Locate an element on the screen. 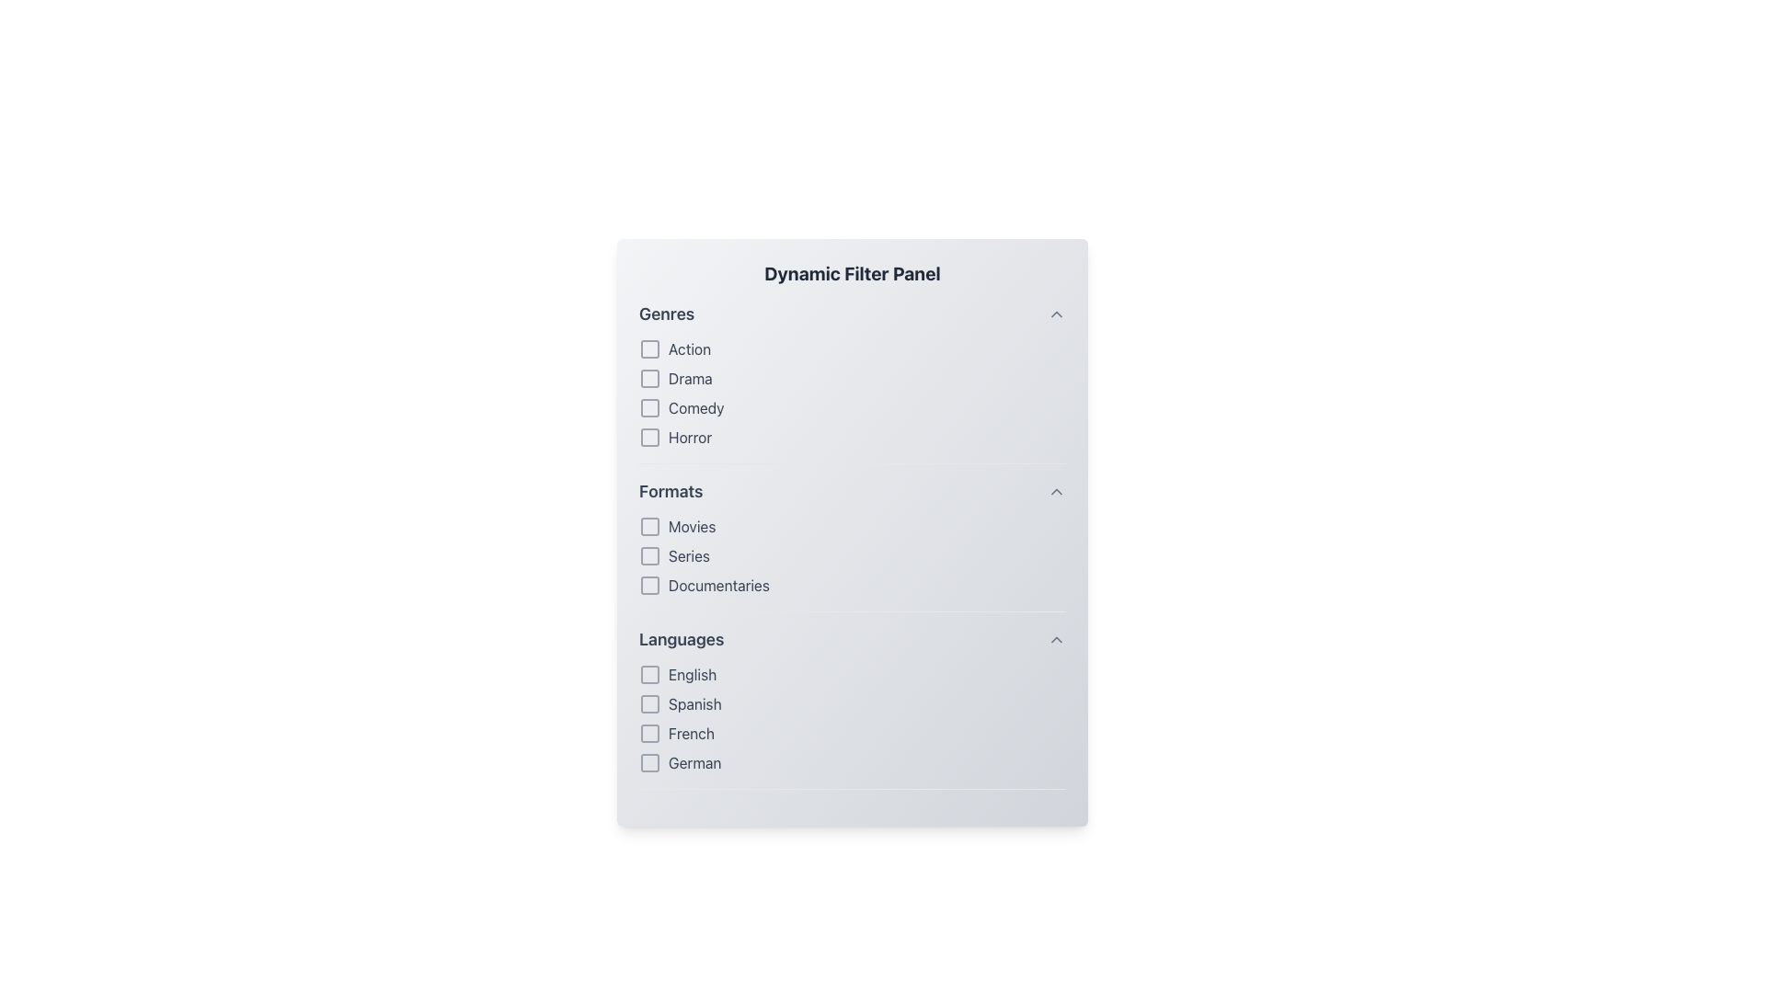  the second checkbox in the 'Formats' section of the Dynamic Filter Panel, which is associated with the 'Series' label is located at coordinates (649, 555).